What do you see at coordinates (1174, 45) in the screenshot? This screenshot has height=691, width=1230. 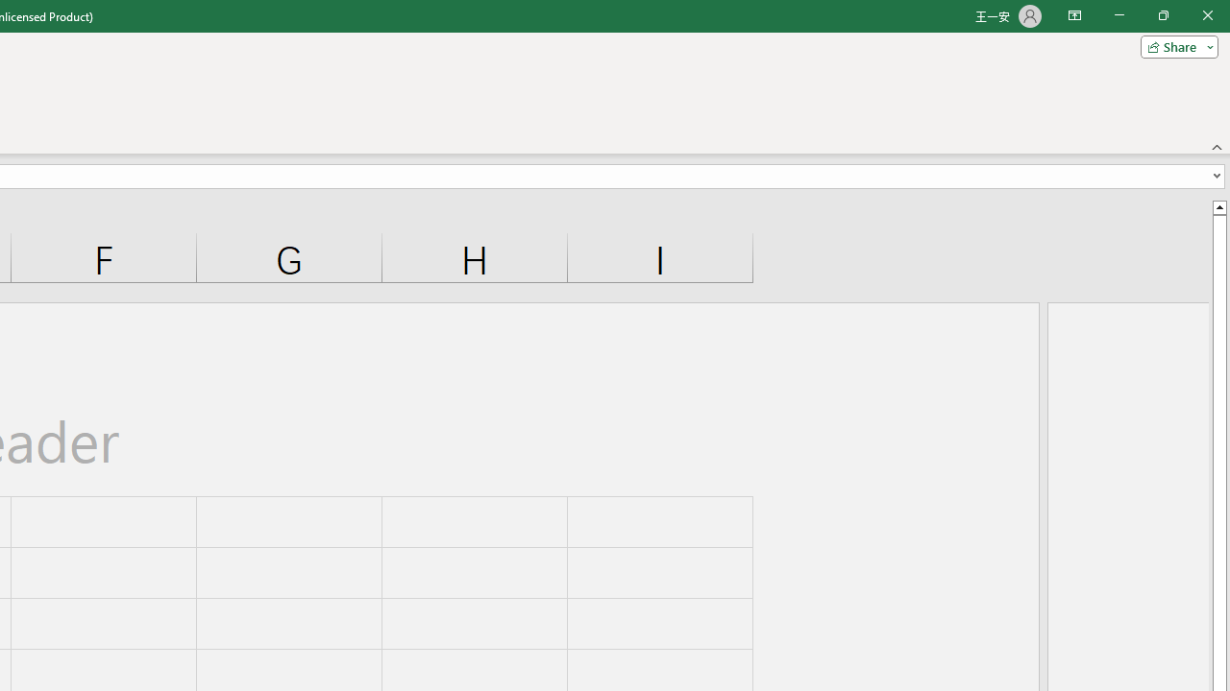 I see `'Share'` at bounding box center [1174, 45].